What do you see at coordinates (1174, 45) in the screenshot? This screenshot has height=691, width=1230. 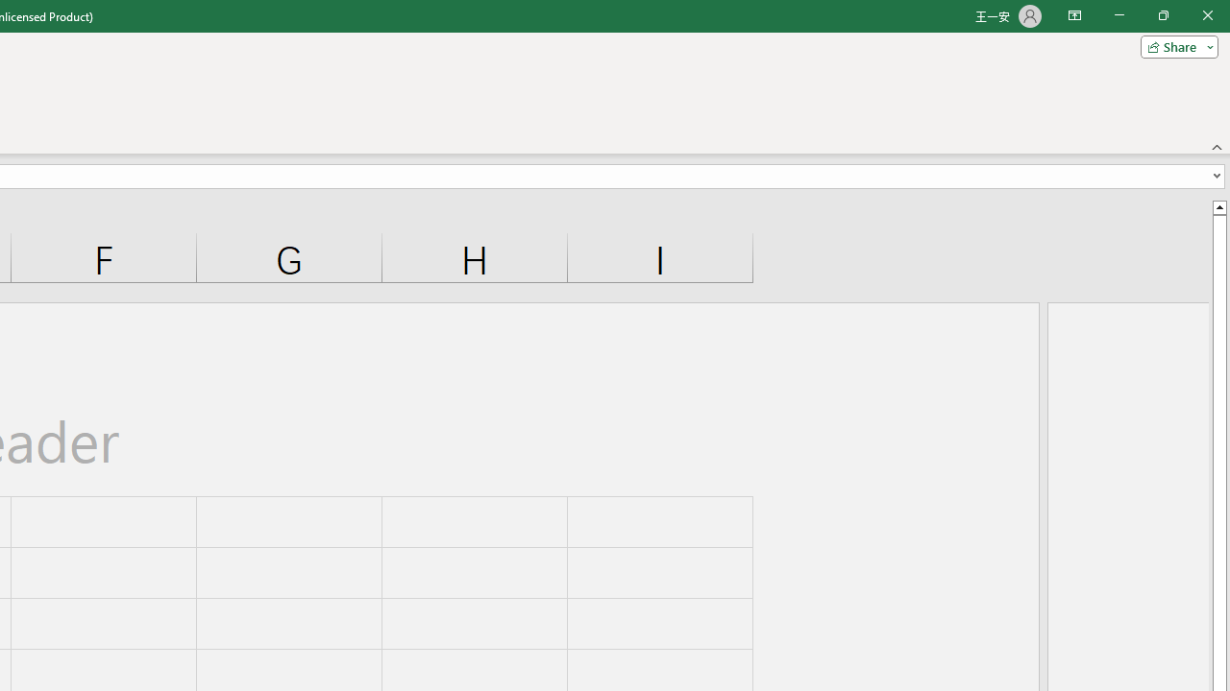 I see `'Share'` at bounding box center [1174, 45].